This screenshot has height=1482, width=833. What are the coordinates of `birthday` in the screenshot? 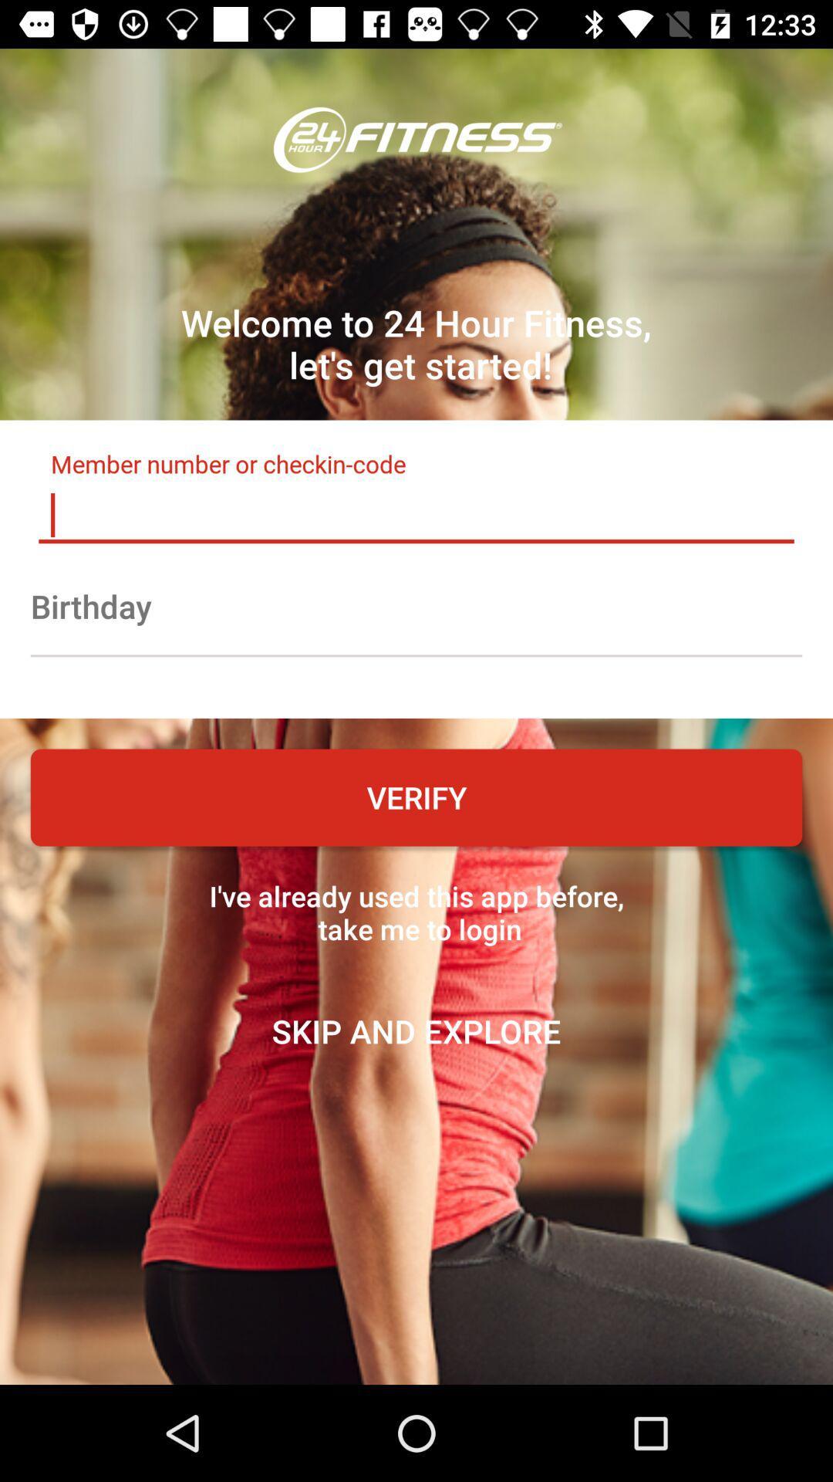 It's located at (416, 605).